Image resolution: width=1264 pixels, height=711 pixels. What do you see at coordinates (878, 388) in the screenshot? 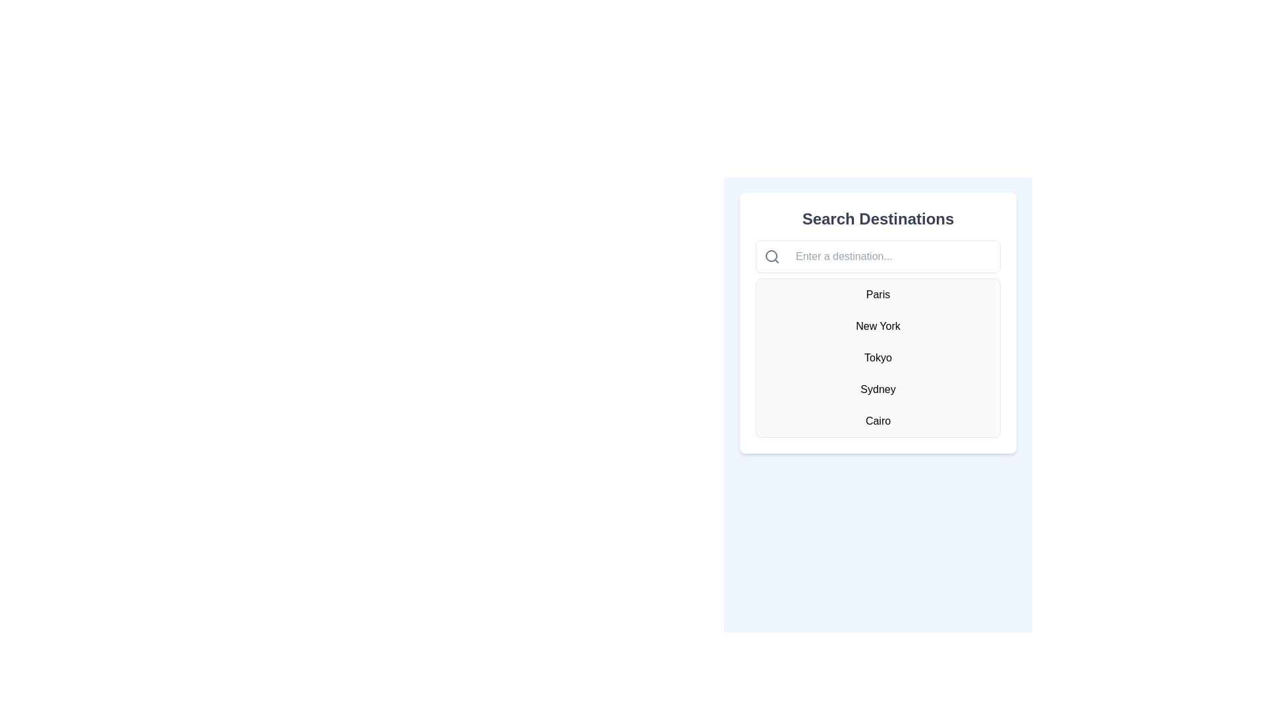
I see `the fourth item in the list, which is 'Sydney'` at bounding box center [878, 388].